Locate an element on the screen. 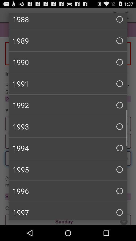 This screenshot has width=136, height=241. 1992 icon is located at coordinates (68, 105).